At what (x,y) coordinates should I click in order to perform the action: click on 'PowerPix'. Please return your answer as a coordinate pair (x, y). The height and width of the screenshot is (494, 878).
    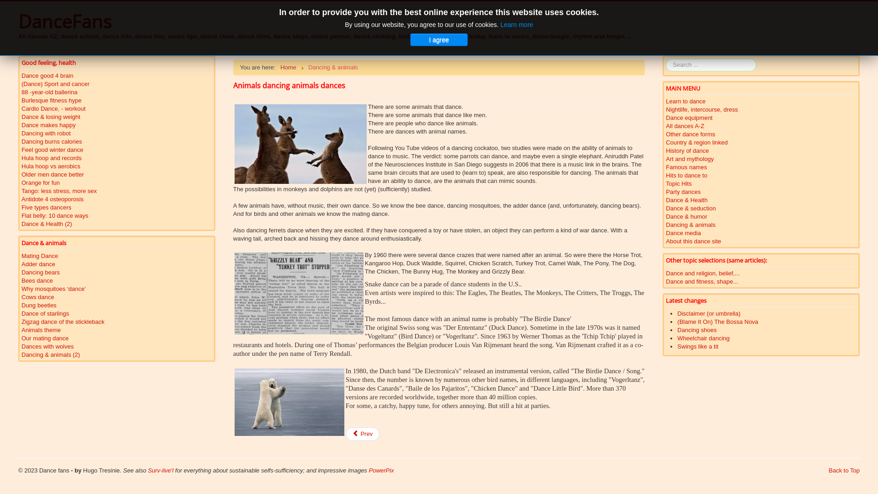
    Looking at the image, I should click on (381, 470).